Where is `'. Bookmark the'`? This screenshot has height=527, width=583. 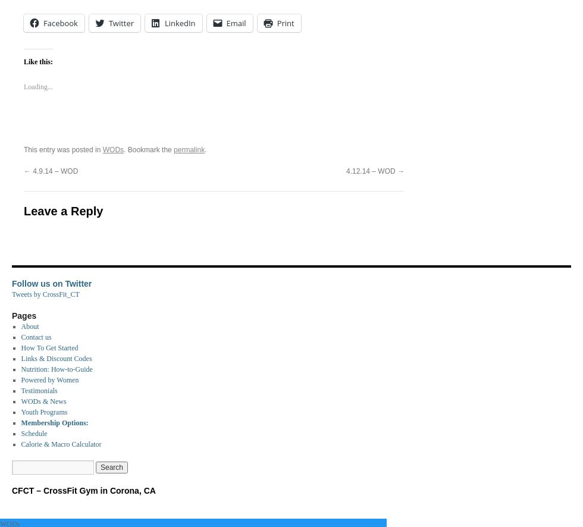
'. Bookmark the' is located at coordinates (148, 149).